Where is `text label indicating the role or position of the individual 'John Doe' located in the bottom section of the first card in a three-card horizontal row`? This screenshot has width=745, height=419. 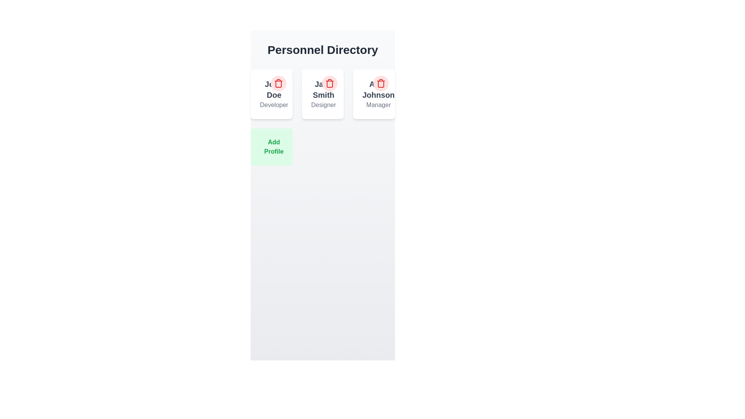
text label indicating the role or position of the individual 'John Doe' located in the bottom section of the first card in a three-card horizontal row is located at coordinates (274, 105).